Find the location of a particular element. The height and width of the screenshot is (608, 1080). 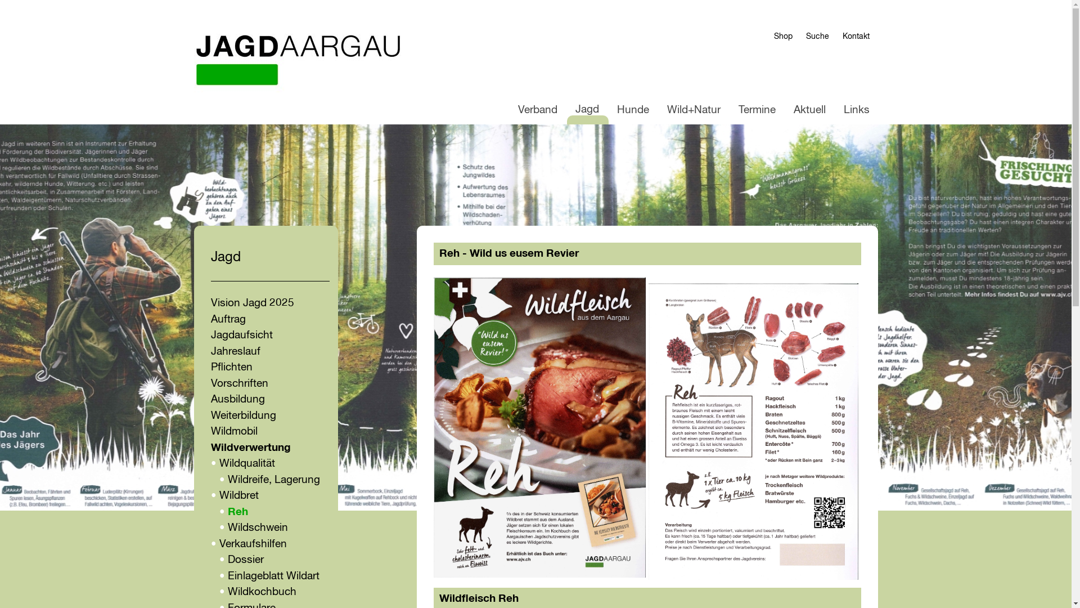

'Hunde' is located at coordinates (633, 110).